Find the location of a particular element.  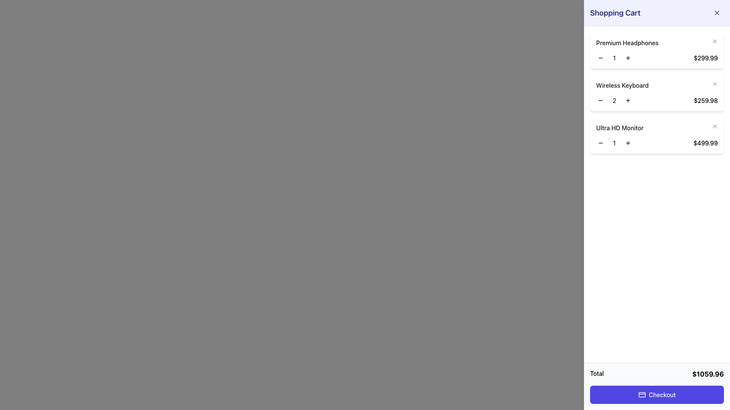

the small circular button with a minus icon ('-') located to the left of the quantity number in the shopping cart interface to decrement the item quantity is located at coordinates (600, 58).